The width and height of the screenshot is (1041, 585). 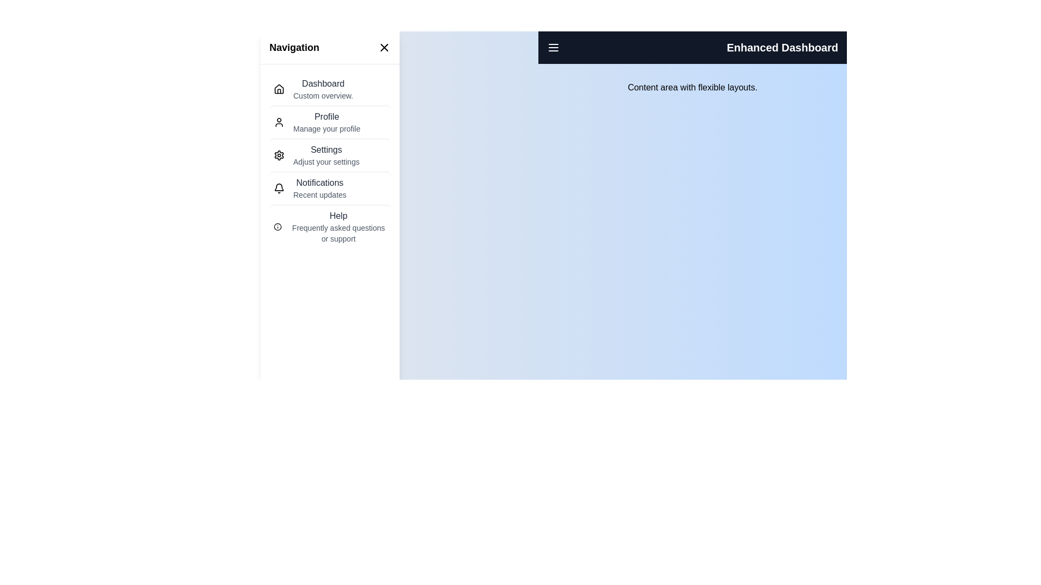 What do you see at coordinates (330, 225) in the screenshot?
I see `the fifth item in the vertical navigation menu located in the left sidebar, which provides access to help-related features` at bounding box center [330, 225].